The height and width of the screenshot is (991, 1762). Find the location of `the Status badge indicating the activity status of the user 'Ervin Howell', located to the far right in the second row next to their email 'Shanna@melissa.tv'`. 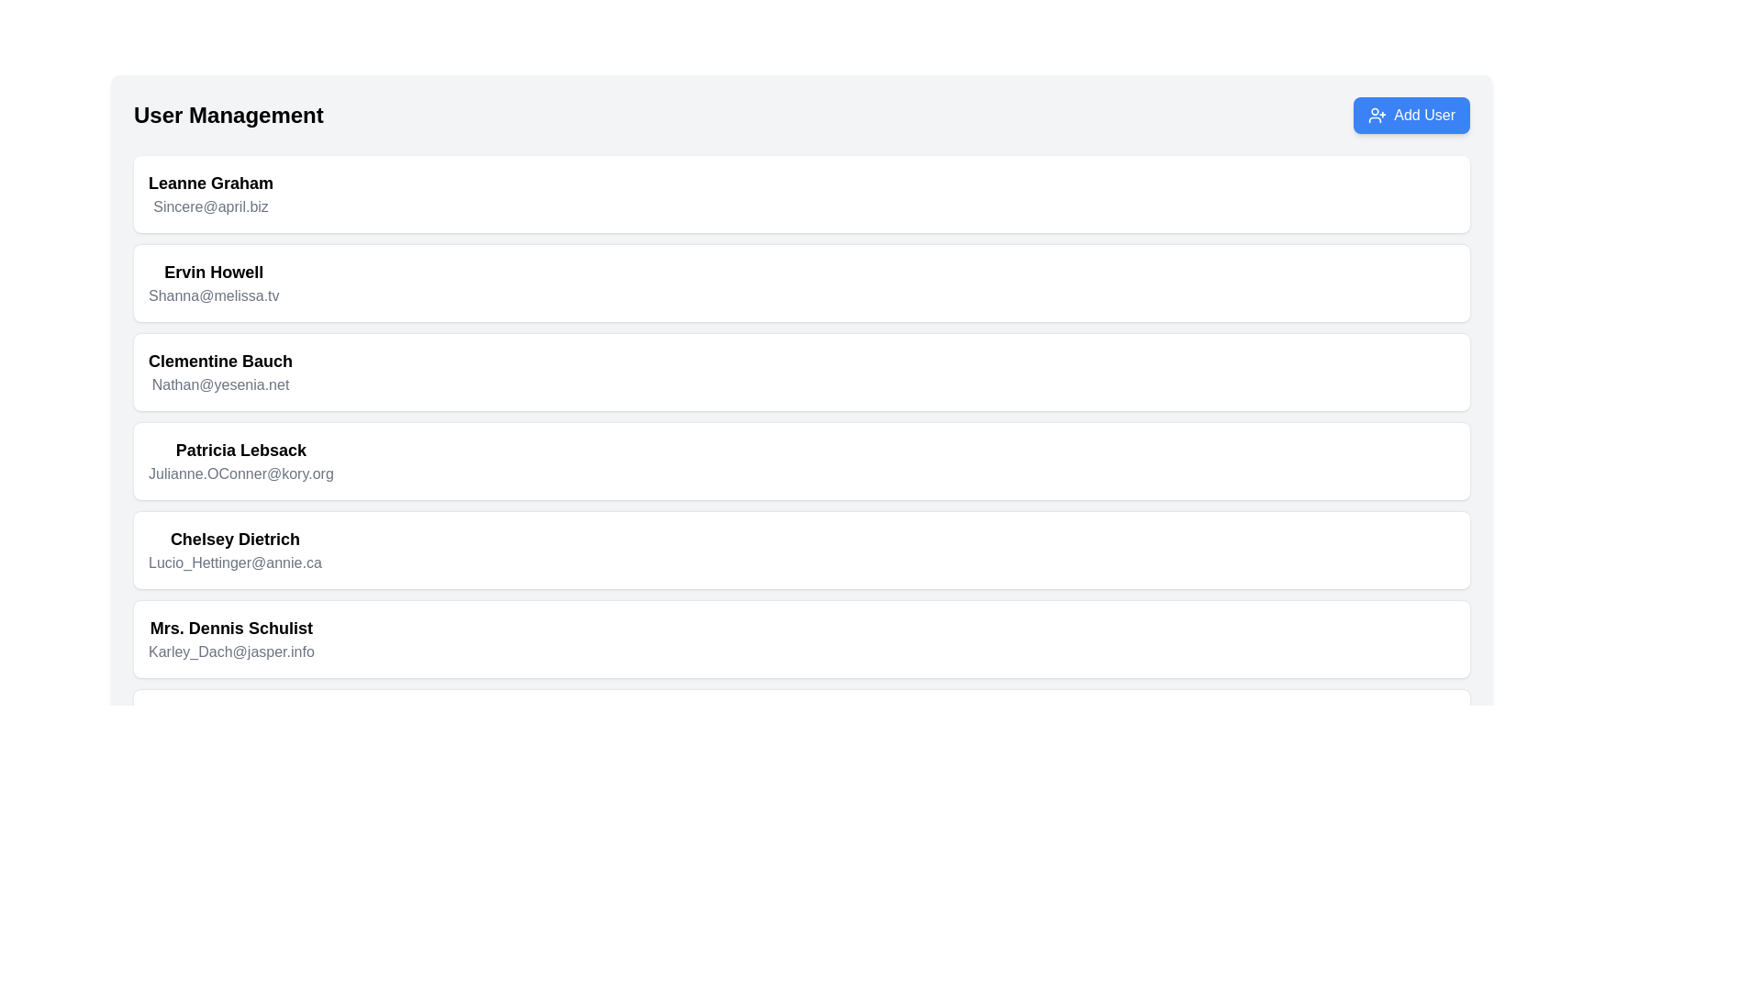

the Status badge indicating the activity status of the user 'Ervin Howell', located to the far right in the second row next to their email 'Shanna@melissa.tv' is located at coordinates (1426, 283).